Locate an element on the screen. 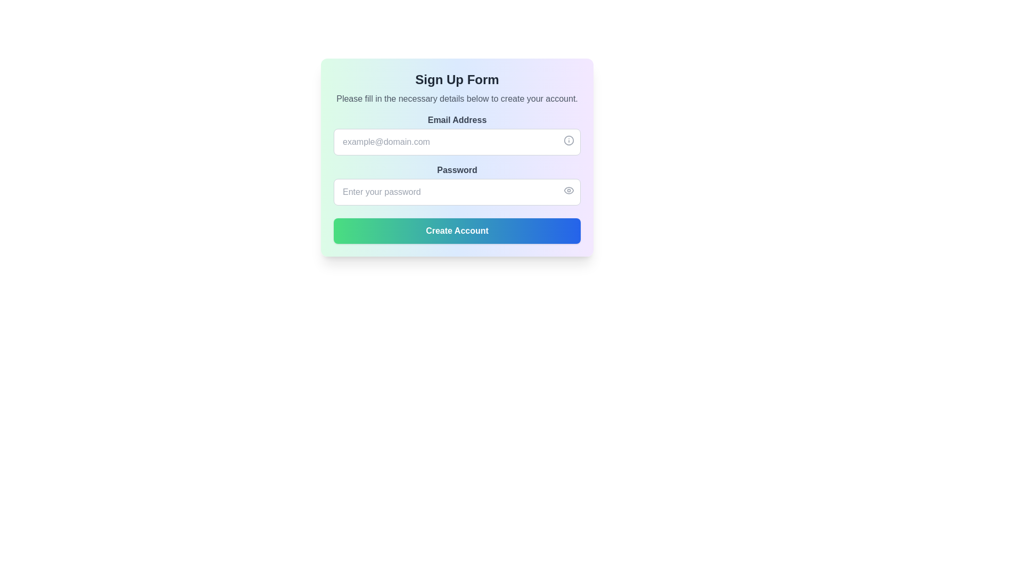  the Text header element that serves as the title for the sign-up form, located at the top of the colorful rectangular card is located at coordinates (457, 79).